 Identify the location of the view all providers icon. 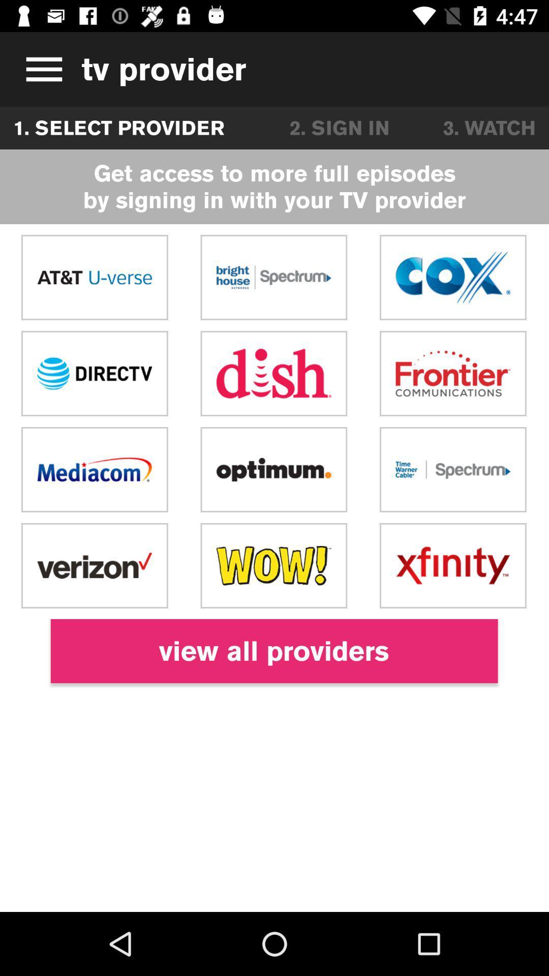
(273, 651).